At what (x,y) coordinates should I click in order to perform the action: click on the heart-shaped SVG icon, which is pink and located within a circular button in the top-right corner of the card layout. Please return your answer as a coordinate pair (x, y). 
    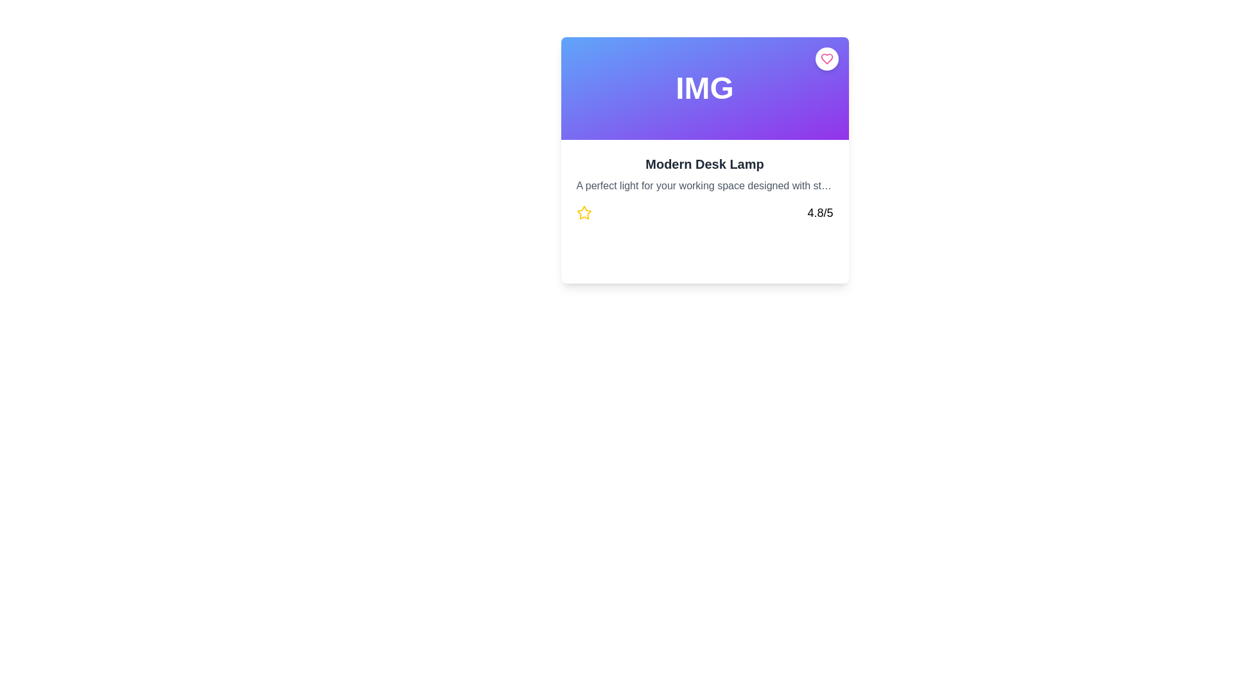
    Looking at the image, I should click on (826, 59).